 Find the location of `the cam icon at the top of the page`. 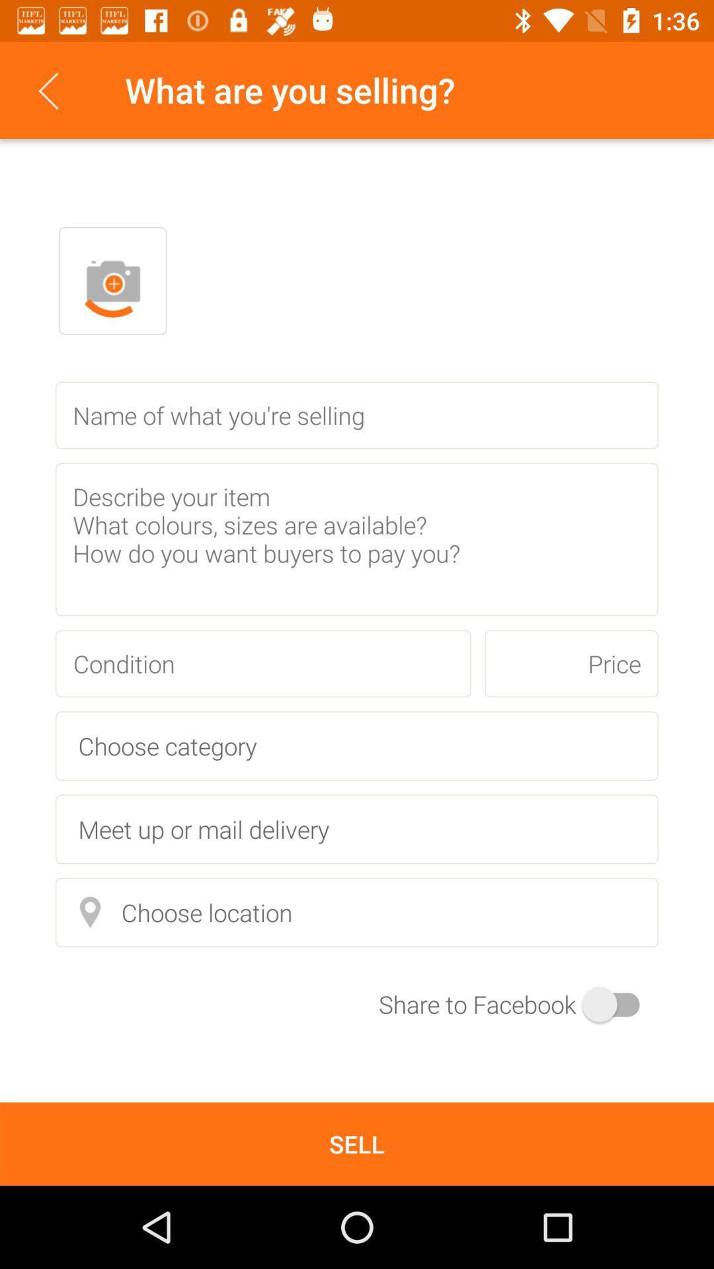

the cam icon at the top of the page is located at coordinates (112, 280).